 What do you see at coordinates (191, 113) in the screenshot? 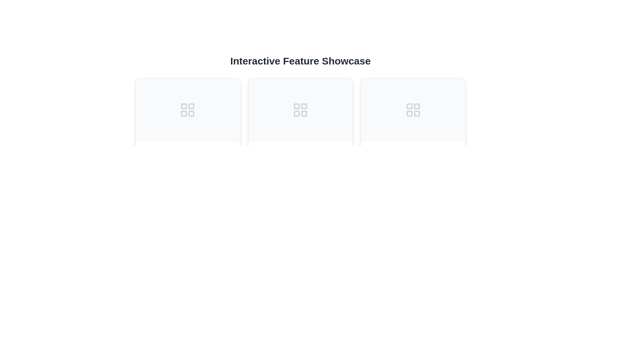
I see `the bottom-right square grid cell element within the 2x2 grid, which is styled in a subdued gray color and located in the bottom-right corner of the grid` at bounding box center [191, 113].